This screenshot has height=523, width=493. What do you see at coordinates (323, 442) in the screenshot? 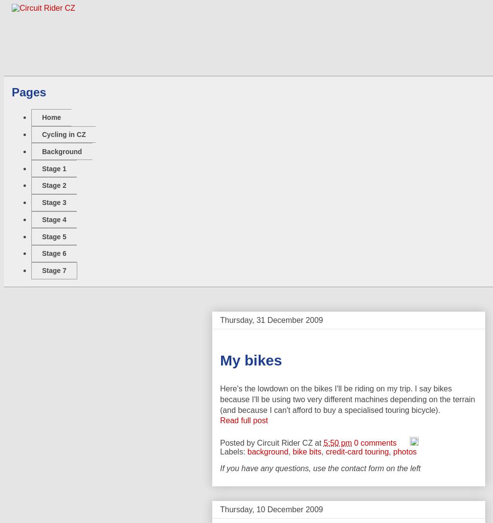
I see `'5:50 pm'` at bounding box center [323, 442].